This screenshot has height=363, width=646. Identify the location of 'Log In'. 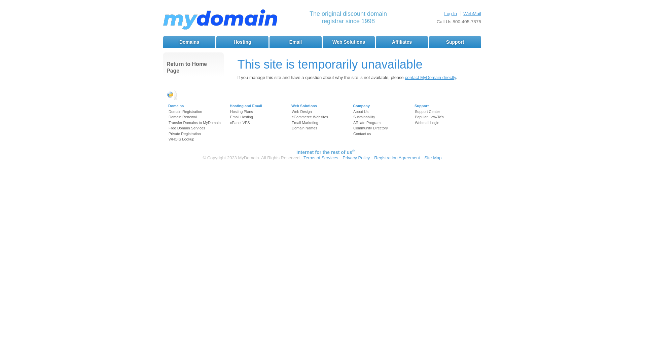
(451, 13).